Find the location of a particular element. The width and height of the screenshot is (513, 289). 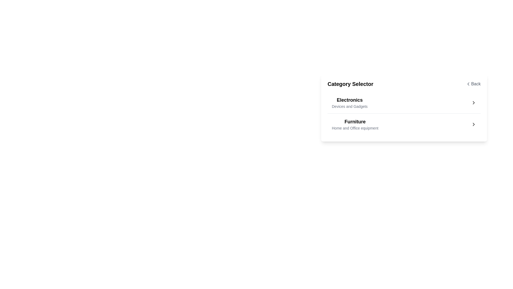

the Chevron Symbol graphic indicator located near the top-right corner of the interface, associated with the 'Back' label is located at coordinates (468, 84).